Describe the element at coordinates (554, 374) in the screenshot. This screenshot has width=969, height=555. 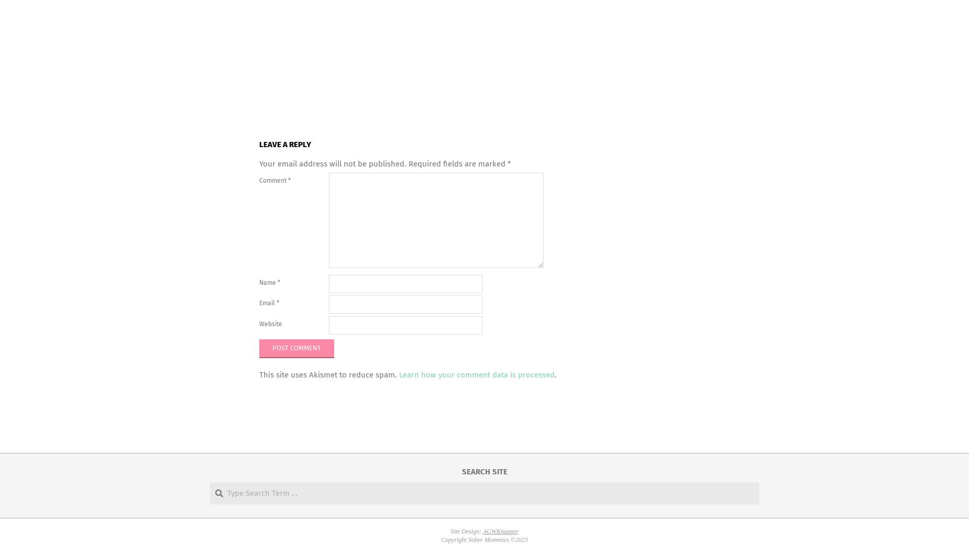
I see `'.'` at that location.